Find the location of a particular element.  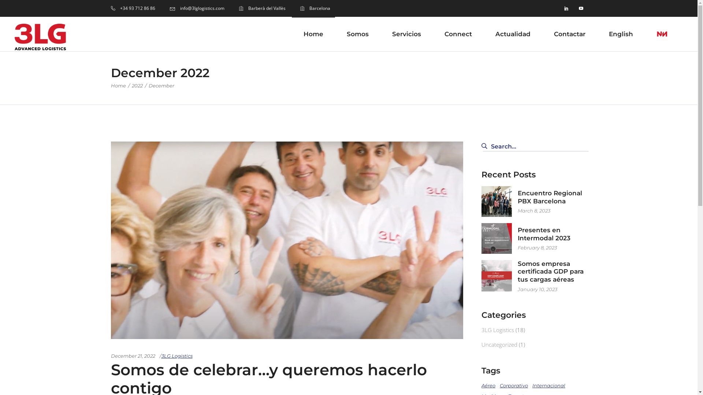

'Actualidad' is located at coordinates (513, 34).